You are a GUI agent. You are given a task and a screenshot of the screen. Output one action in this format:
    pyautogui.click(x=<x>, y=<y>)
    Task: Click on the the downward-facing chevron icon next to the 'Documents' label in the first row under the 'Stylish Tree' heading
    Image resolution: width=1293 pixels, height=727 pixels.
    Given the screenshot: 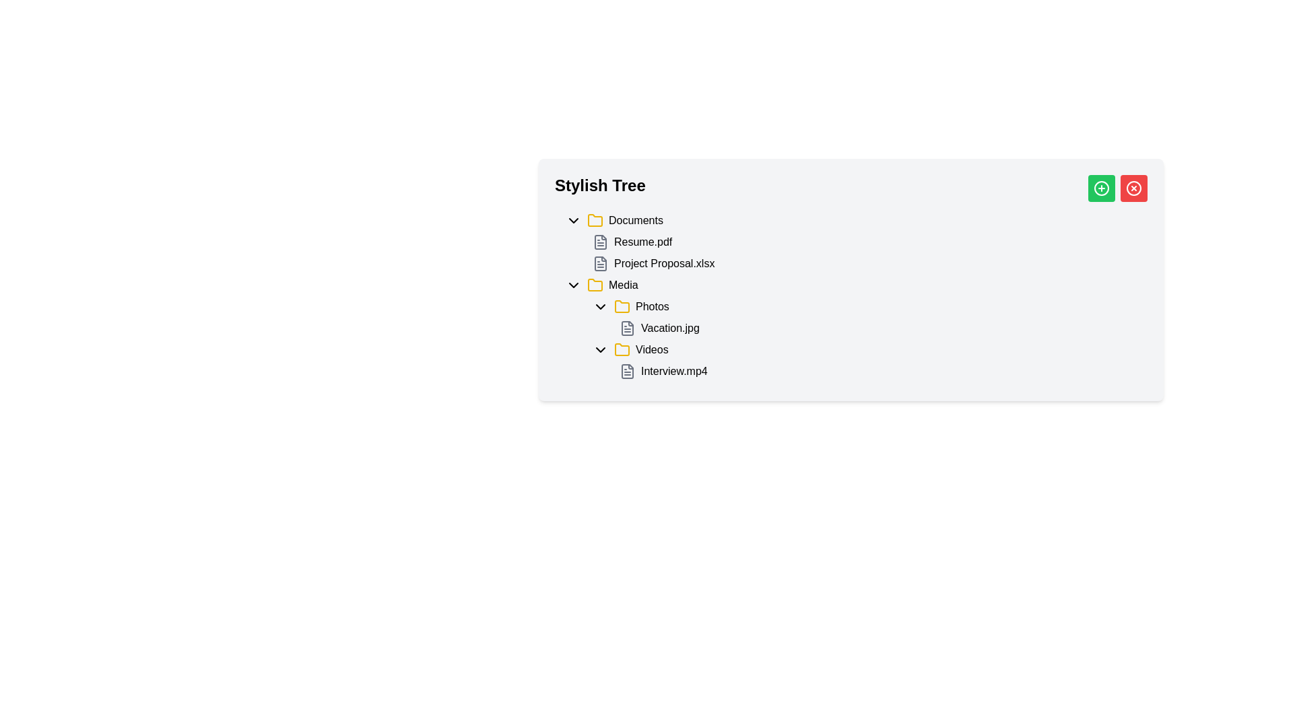 What is the action you would take?
    pyautogui.click(x=573, y=219)
    